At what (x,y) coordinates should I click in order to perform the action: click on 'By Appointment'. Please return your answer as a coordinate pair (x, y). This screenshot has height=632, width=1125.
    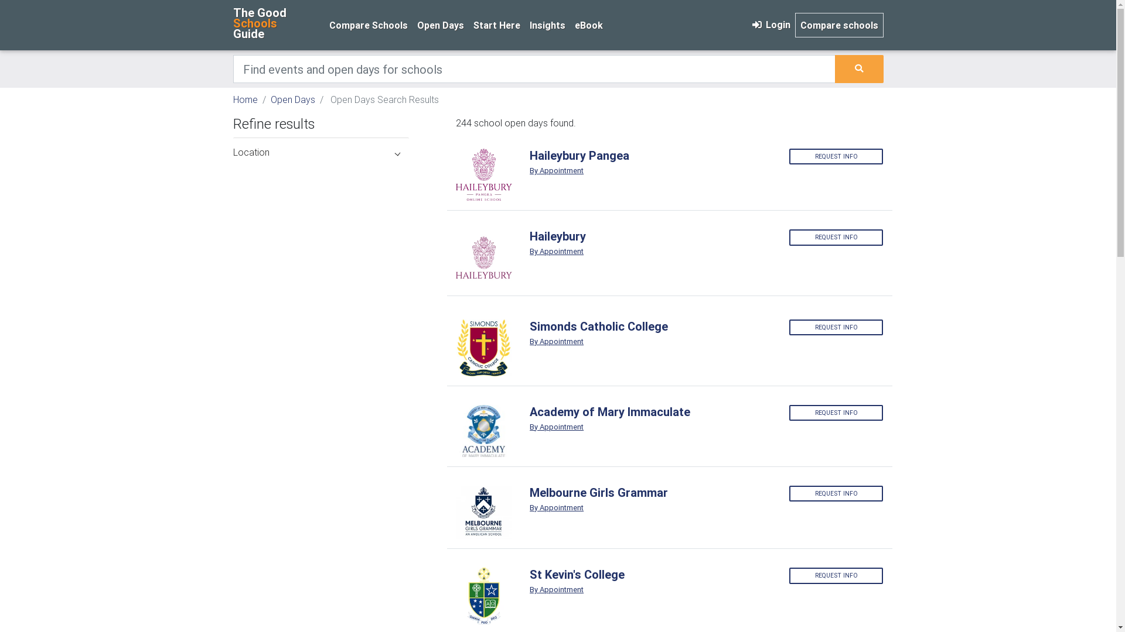
    Looking at the image, I should click on (529, 341).